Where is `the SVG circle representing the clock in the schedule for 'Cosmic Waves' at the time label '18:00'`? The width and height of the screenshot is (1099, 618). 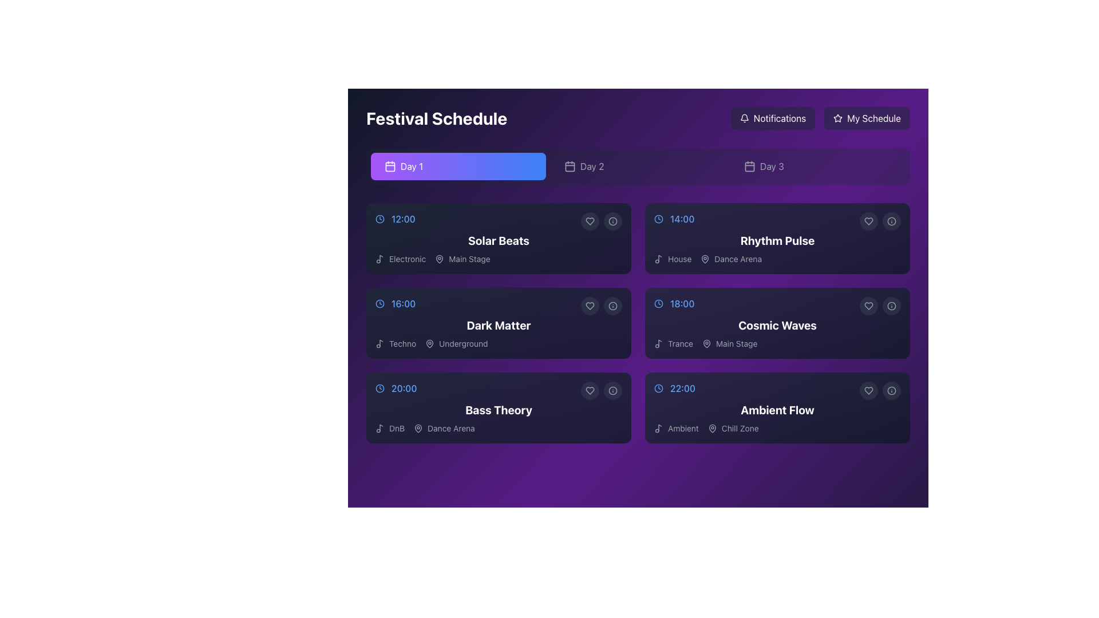 the SVG circle representing the clock in the schedule for 'Cosmic Waves' at the time label '18:00' is located at coordinates (659, 303).